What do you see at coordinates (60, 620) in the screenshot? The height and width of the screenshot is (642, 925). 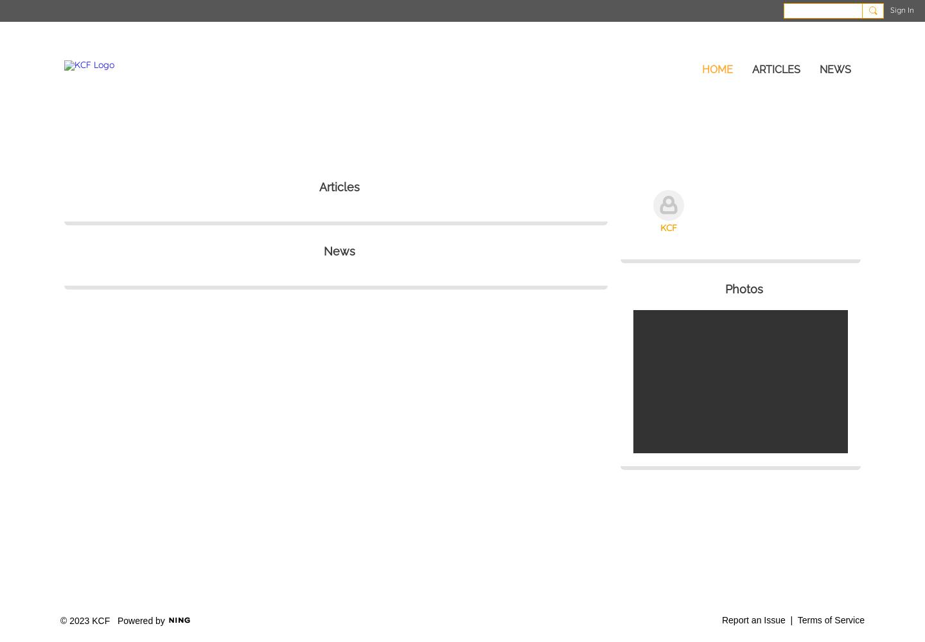 I see `'© 2023 KCF'` at bounding box center [60, 620].